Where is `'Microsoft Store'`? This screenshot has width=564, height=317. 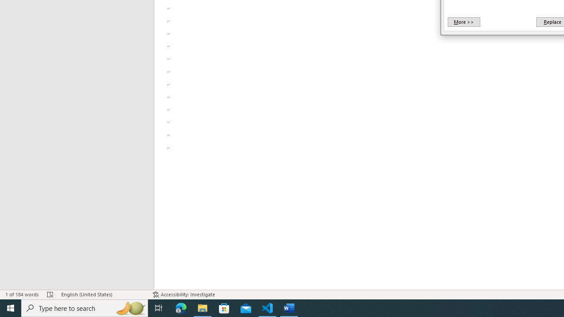 'Microsoft Store' is located at coordinates (224, 307).